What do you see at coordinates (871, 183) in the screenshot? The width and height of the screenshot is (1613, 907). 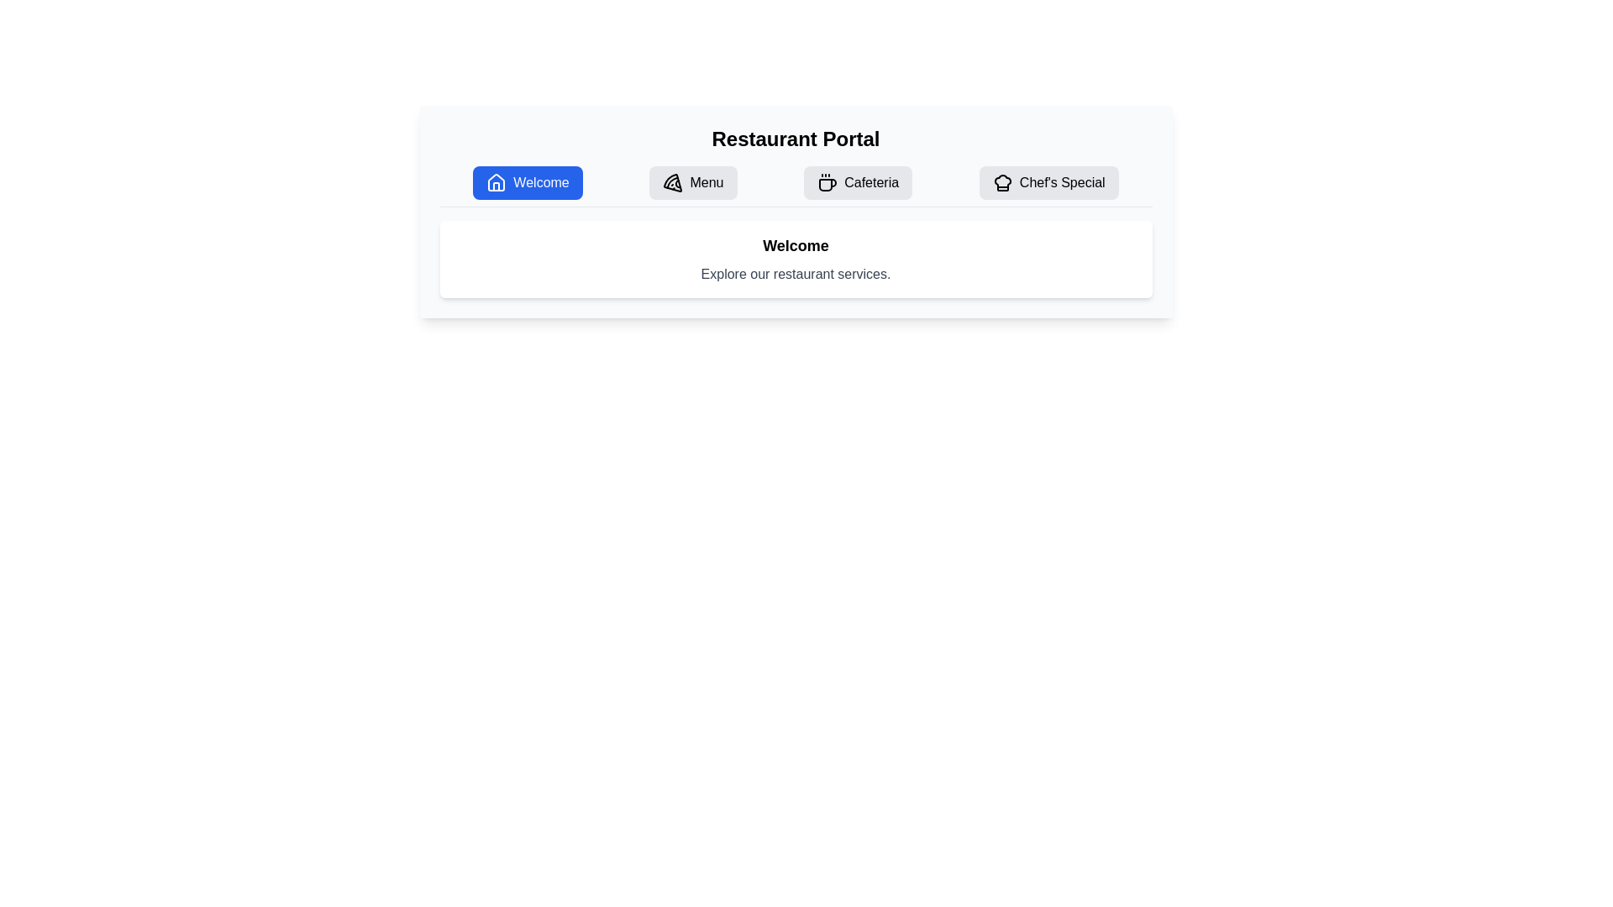 I see `the 'Cafeteria' button in the navigation bar` at bounding box center [871, 183].